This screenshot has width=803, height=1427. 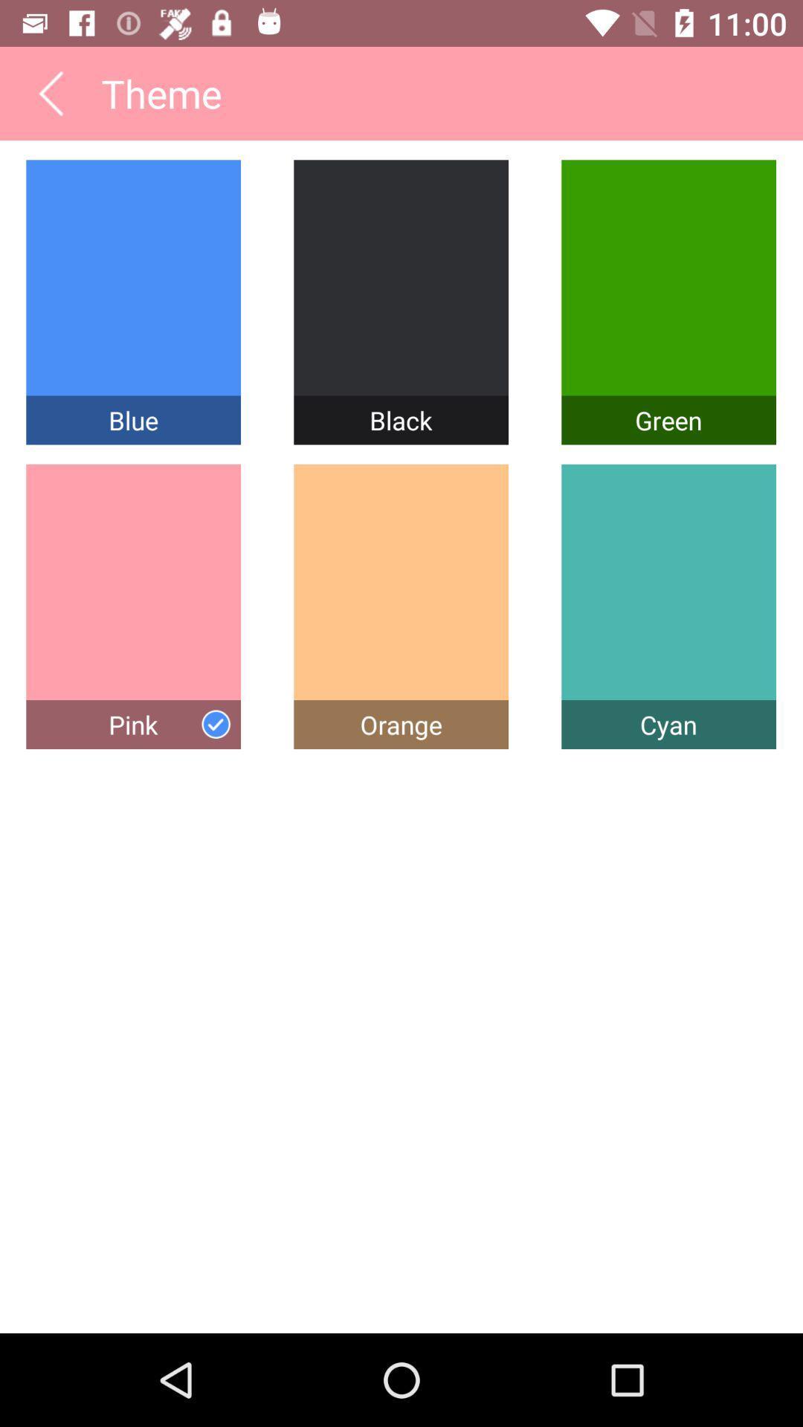 What do you see at coordinates (50, 99) in the screenshot?
I see `the arrow_backward icon` at bounding box center [50, 99].